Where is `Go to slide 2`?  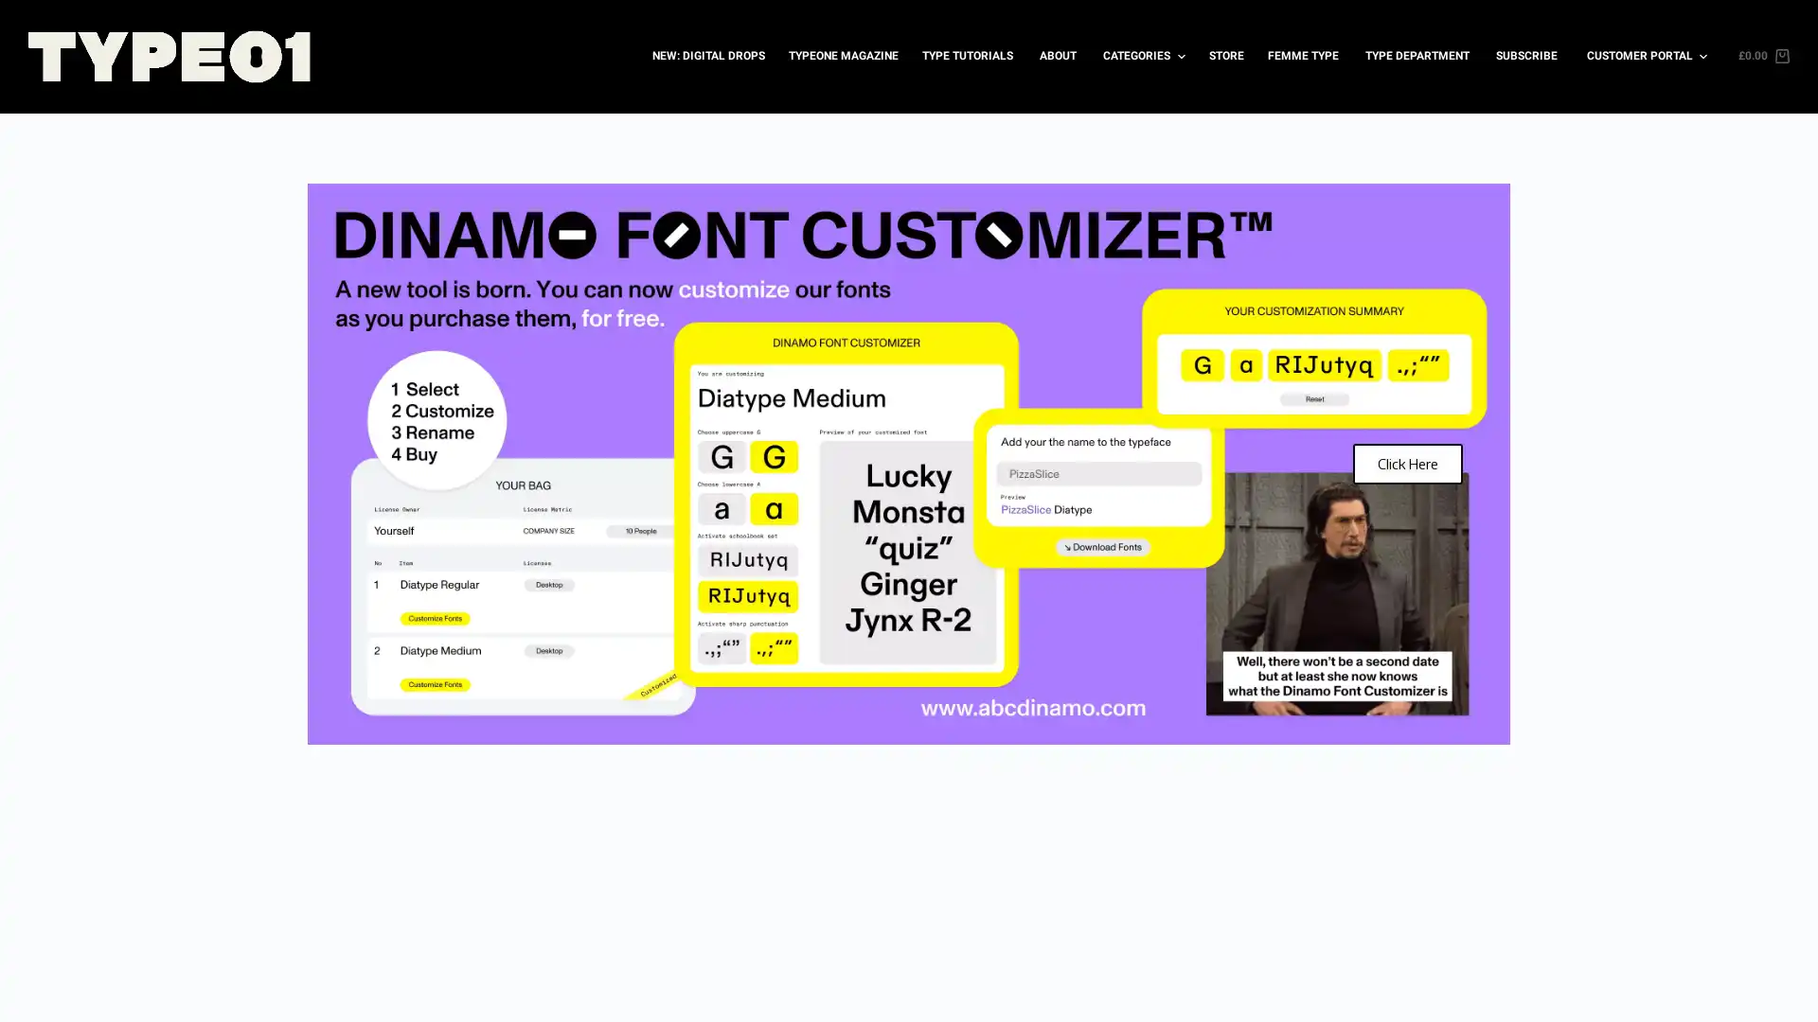 Go to slide 2 is located at coordinates (899, 730).